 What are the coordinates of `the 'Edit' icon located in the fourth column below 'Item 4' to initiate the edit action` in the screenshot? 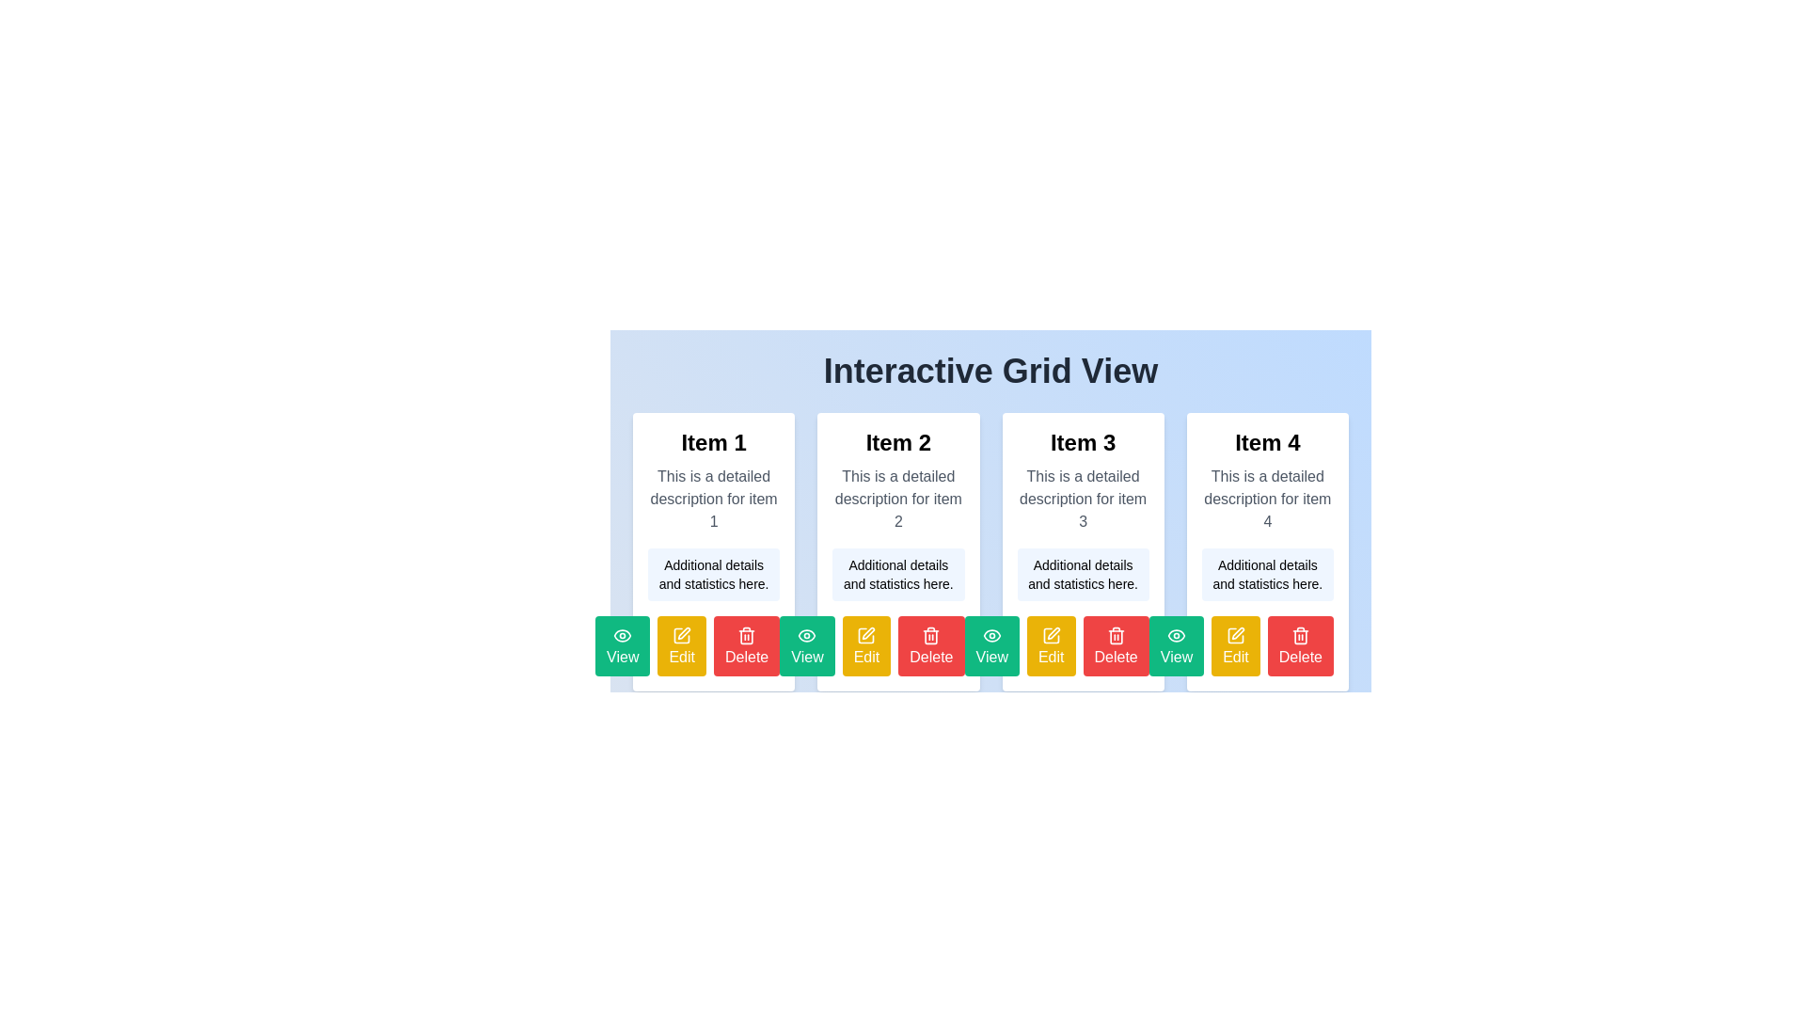 It's located at (1236, 635).